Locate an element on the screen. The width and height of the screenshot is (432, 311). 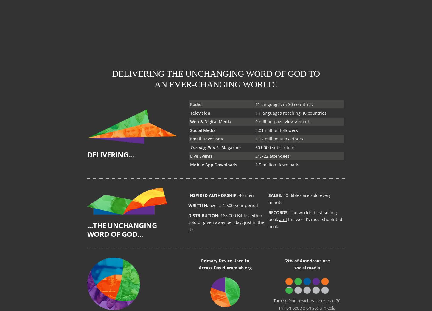
'Web & Digital Media' is located at coordinates (210, 121).